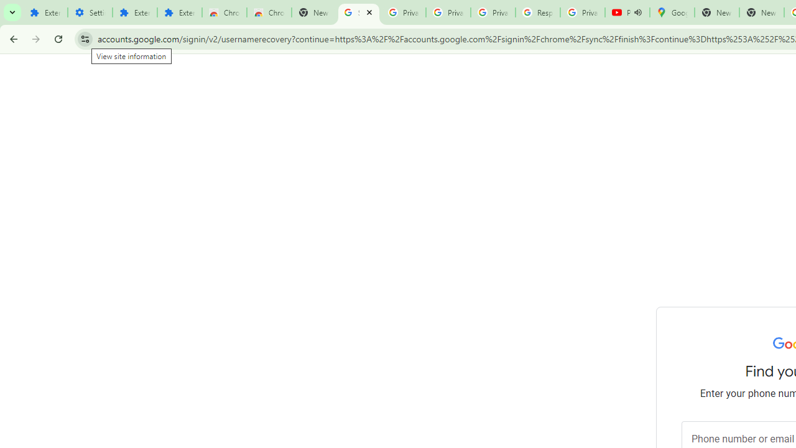 This screenshot has width=796, height=448. Describe the element at coordinates (224, 12) in the screenshot. I see `'Chrome Web Store'` at that location.